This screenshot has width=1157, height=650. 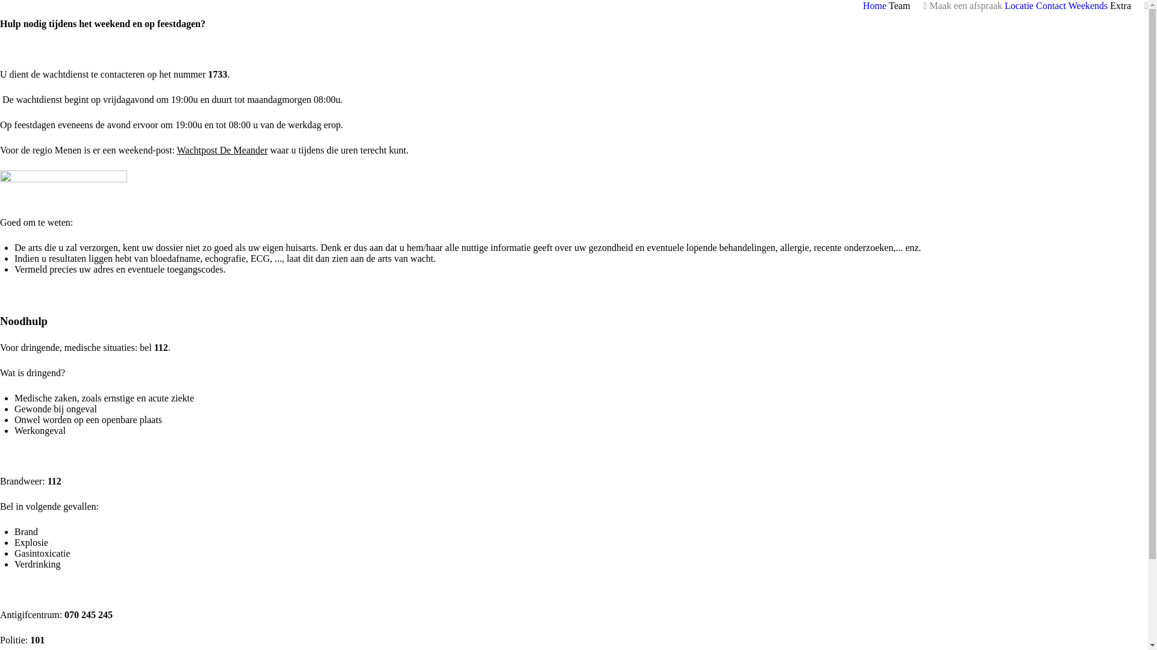 I want to click on 'Contact', so click(x=1050, y=5).